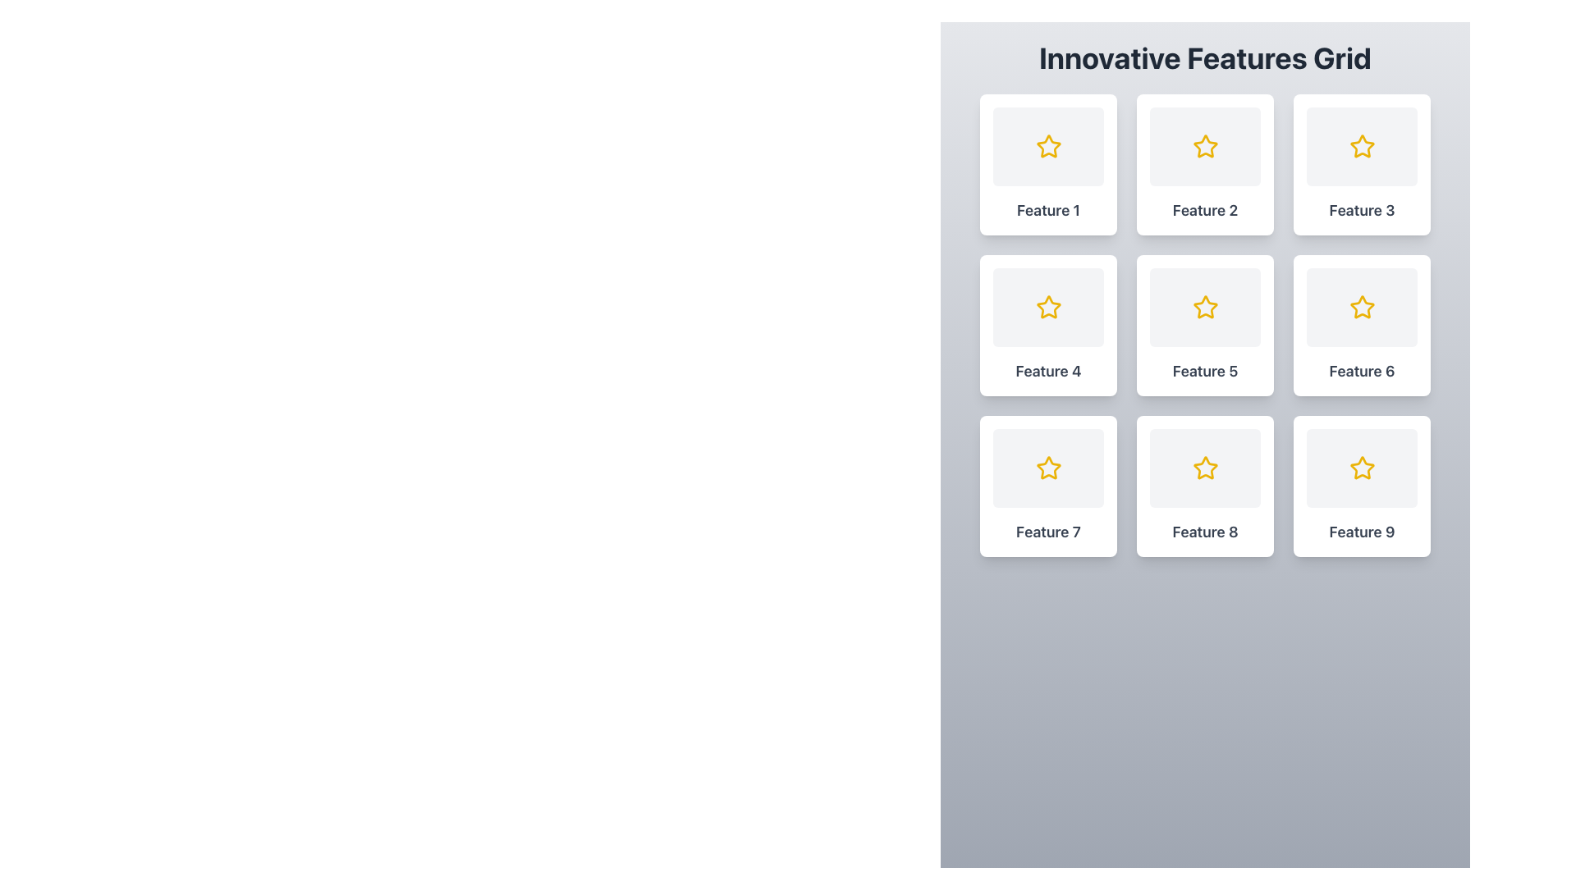 This screenshot has width=1576, height=886. What do you see at coordinates (1047, 326) in the screenshot?
I see `the fourth card component in the grid layout which has a white rounded rectangle backdrop, a yellow star icon at the center-top, and a bold 'Feature 4' title in gray centered underneath` at bounding box center [1047, 326].